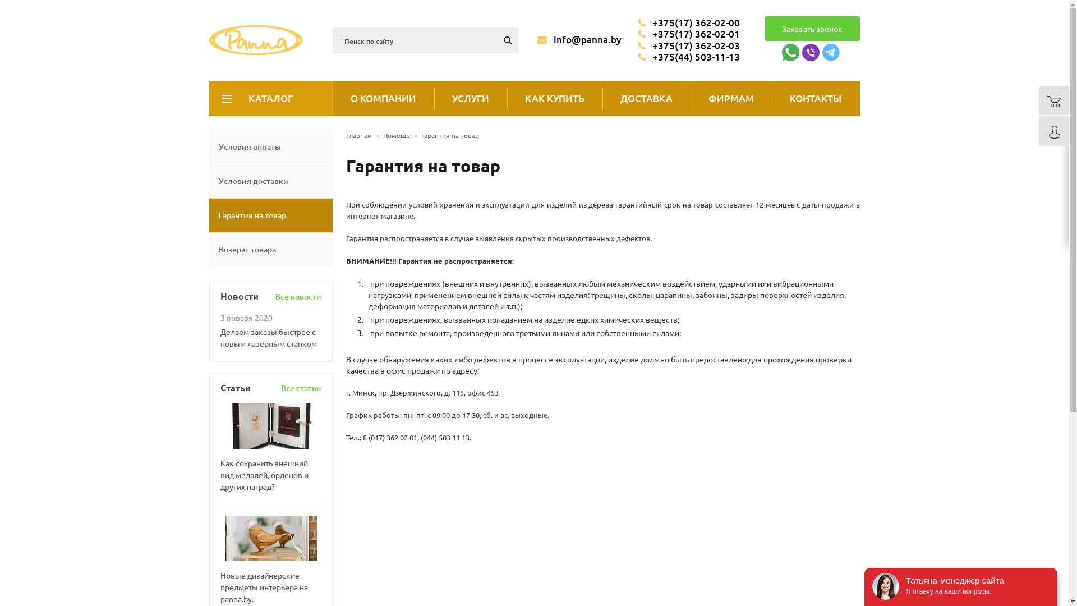 This screenshot has width=1077, height=606. Describe the element at coordinates (688, 57) in the screenshot. I see `'+375(44) 503-11-13'` at that location.